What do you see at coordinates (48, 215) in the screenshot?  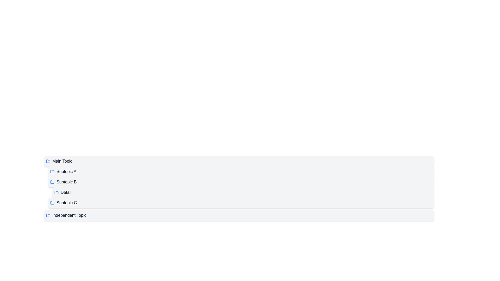 I see `the blue folder icon located to the left of the text 'Independent Topic'` at bounding box center [48, 215].